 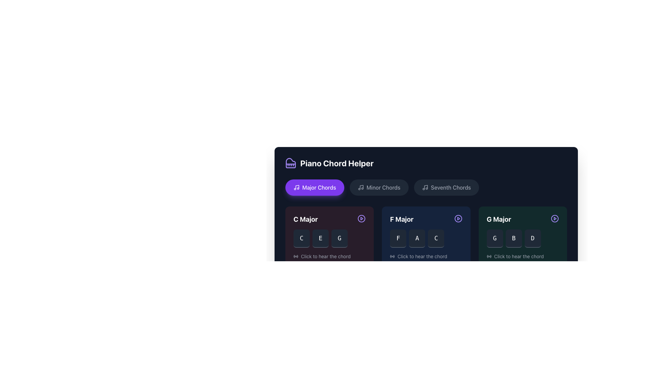 What do you see at coordinates (326, 257) in the screenshot?
I see `the instruction provided by the text label for the 'C Major' chord demonstration located in the chord information section` at bounding box center [326, 257].